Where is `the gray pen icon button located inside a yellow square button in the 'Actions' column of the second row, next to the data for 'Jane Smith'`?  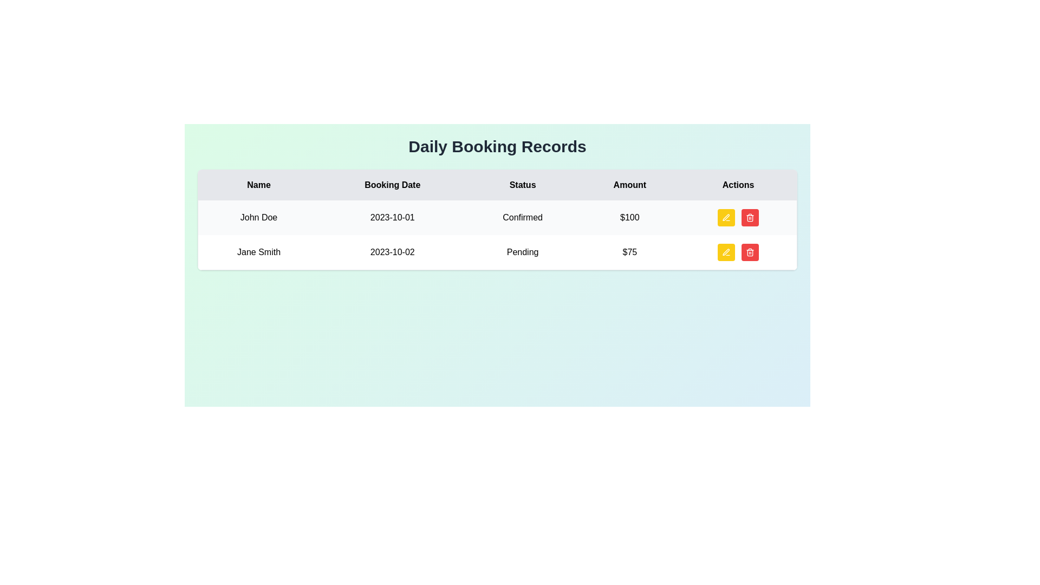
the gray pen icon button located inside a yellow square button in the 'Actions' column of the second row, next to the data for 'Jane Smith' is located at coordinates (726, 252).